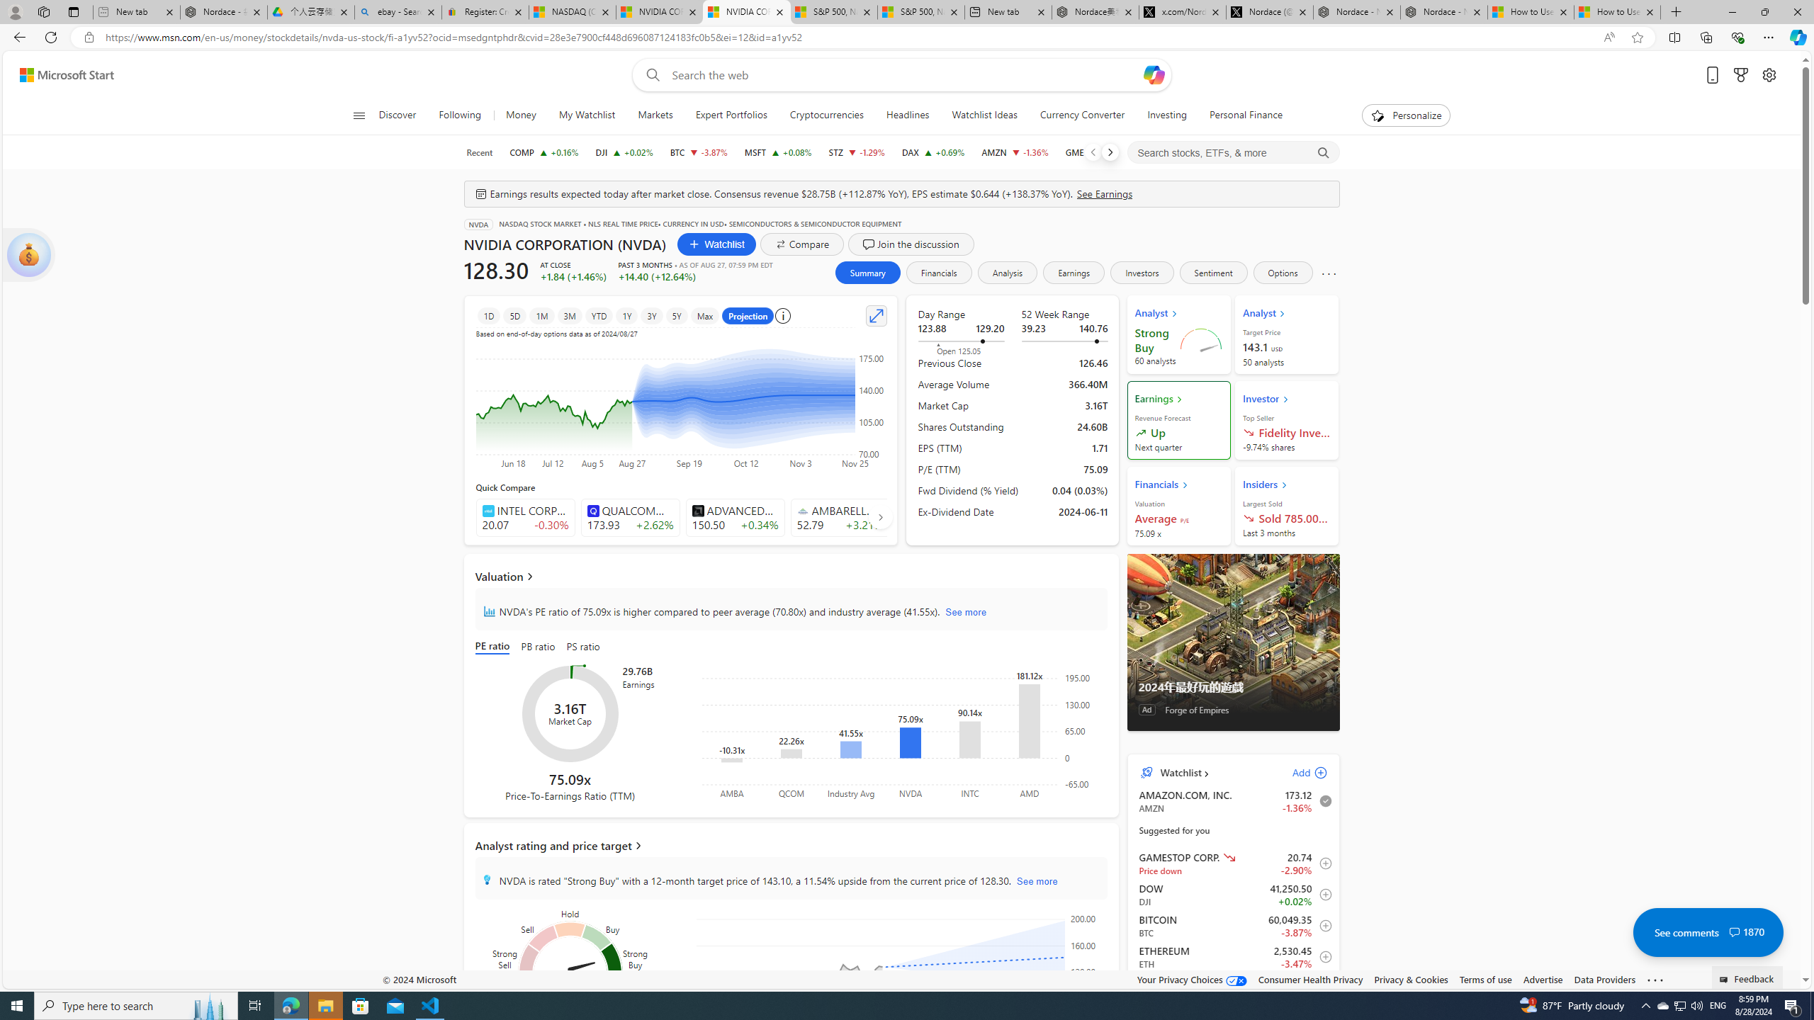 The width and height of the screenshot is (1814, 1020). Describe the element at coordinates (537, 647) in the screenshot. I see `'PB ratio'` at that location.